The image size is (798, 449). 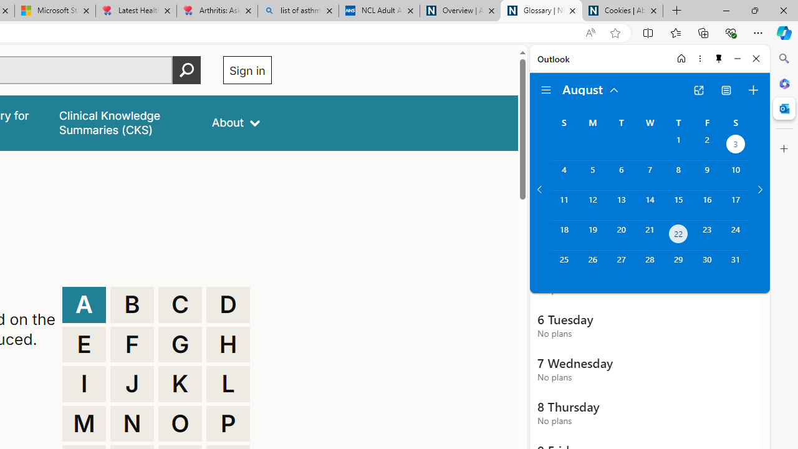 What do you see at coordinates (132, 423) in the screenshot?
I see `'N'` at bounding box center [132, 423].